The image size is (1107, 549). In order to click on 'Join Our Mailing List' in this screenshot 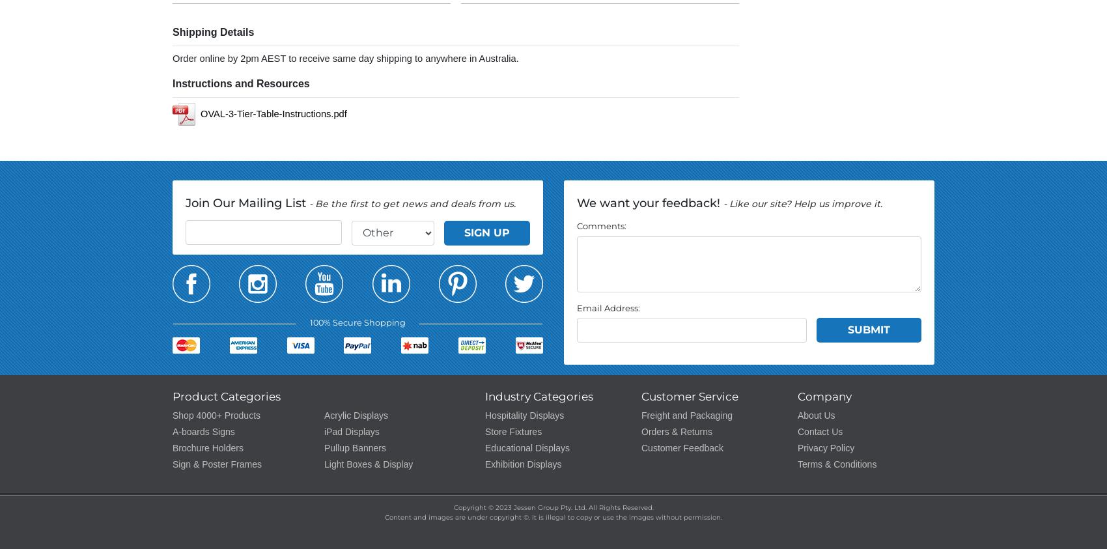, I will do `click(246, 201)`.